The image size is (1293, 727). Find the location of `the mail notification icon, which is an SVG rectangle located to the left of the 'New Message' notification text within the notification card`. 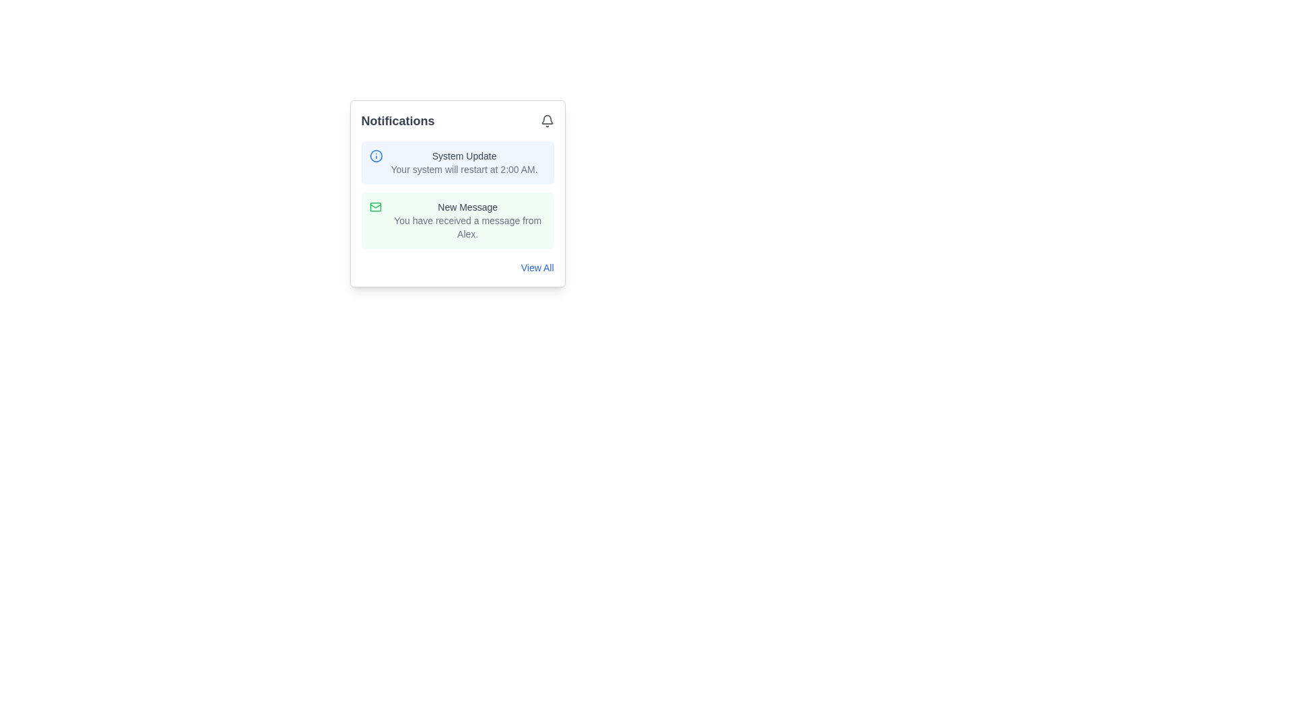

the mail notification icon, which is an SVG rectangle located to the left of the 'New Message' notification text within the notification card is located at coordinates (375, 207).